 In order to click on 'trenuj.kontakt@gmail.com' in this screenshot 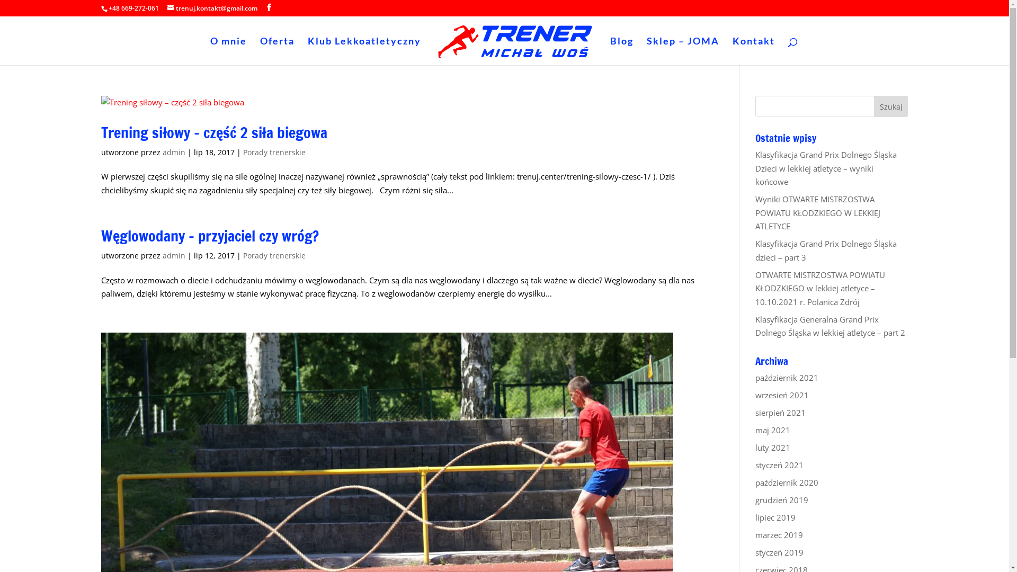, I will do `click(167, 8)`.